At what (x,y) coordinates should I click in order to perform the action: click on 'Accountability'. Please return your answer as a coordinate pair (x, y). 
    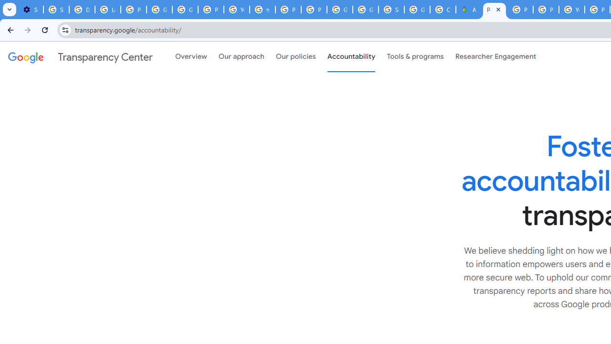
    Looking at the image, I should click on (351, 57).